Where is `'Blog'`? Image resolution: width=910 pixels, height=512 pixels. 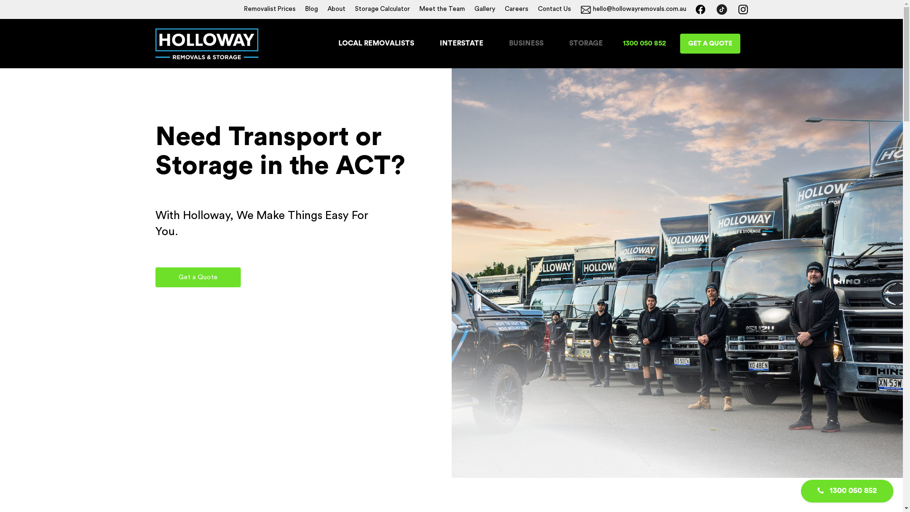 'Blog' is located at coordinates (311, 9).